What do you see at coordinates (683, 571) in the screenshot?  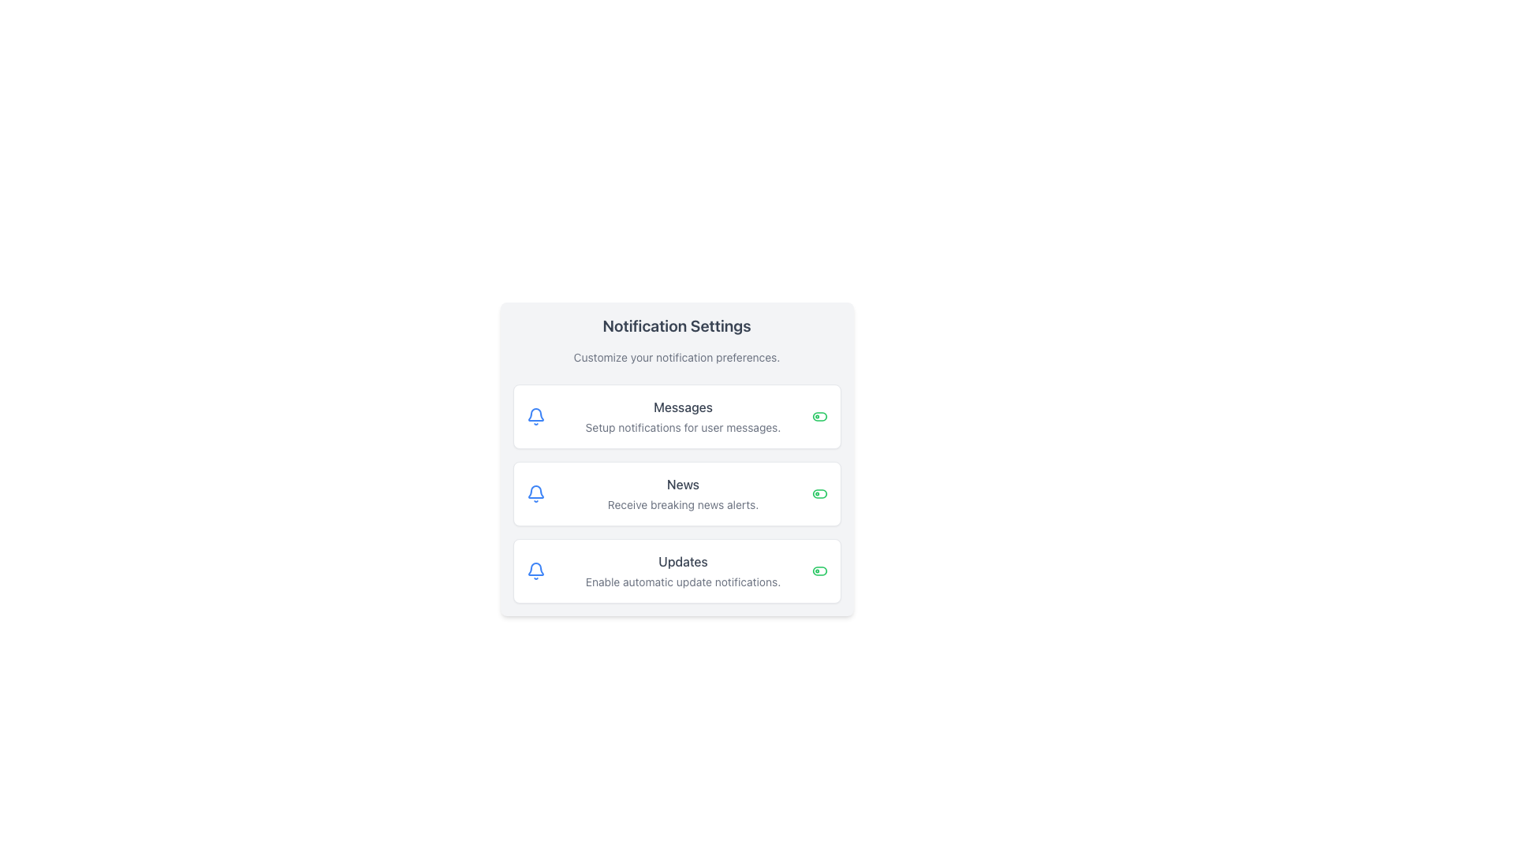 I see `details of the informational text block that provides the title and description of the notification feature for controlling automatic update notifications, located as the third element in a vertical stack of notification settings cards` at bounding box center [683, 571].